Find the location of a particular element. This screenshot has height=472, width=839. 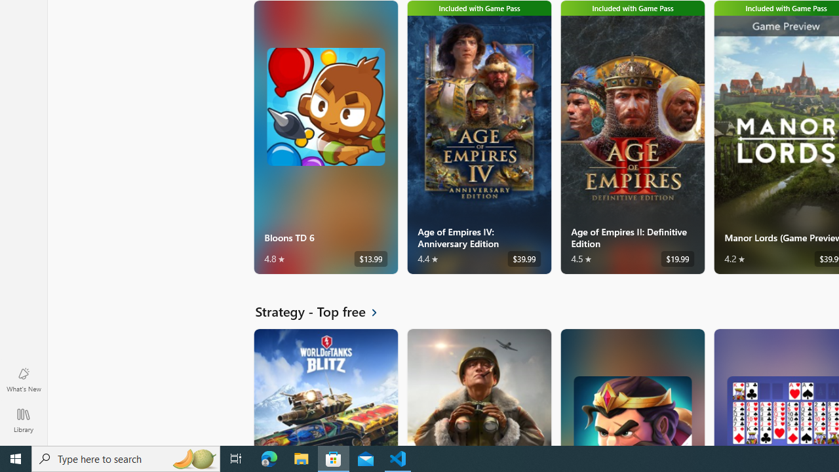

'What' is located at coordinates (23, 379).